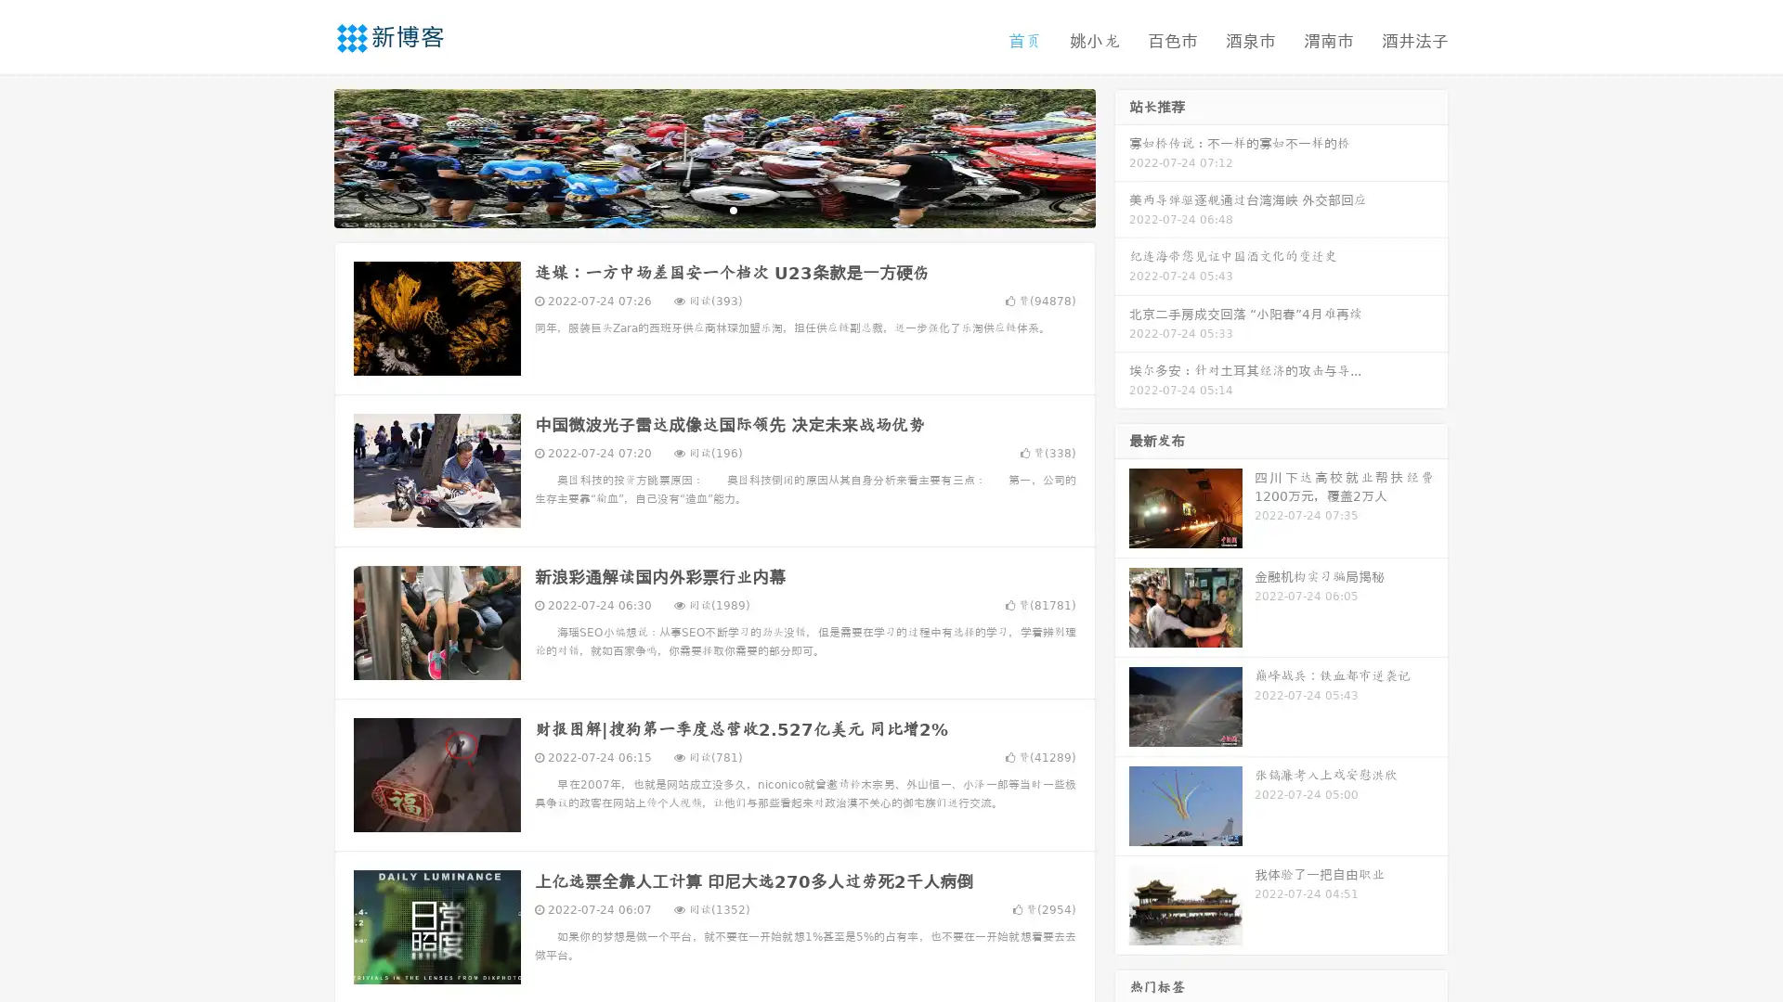 This screenshot has width=1783, height=1002. What do you see at coordinates (1122, 156) in the screenshot?
I see `Next slide` at bounding box center [1122, 156].